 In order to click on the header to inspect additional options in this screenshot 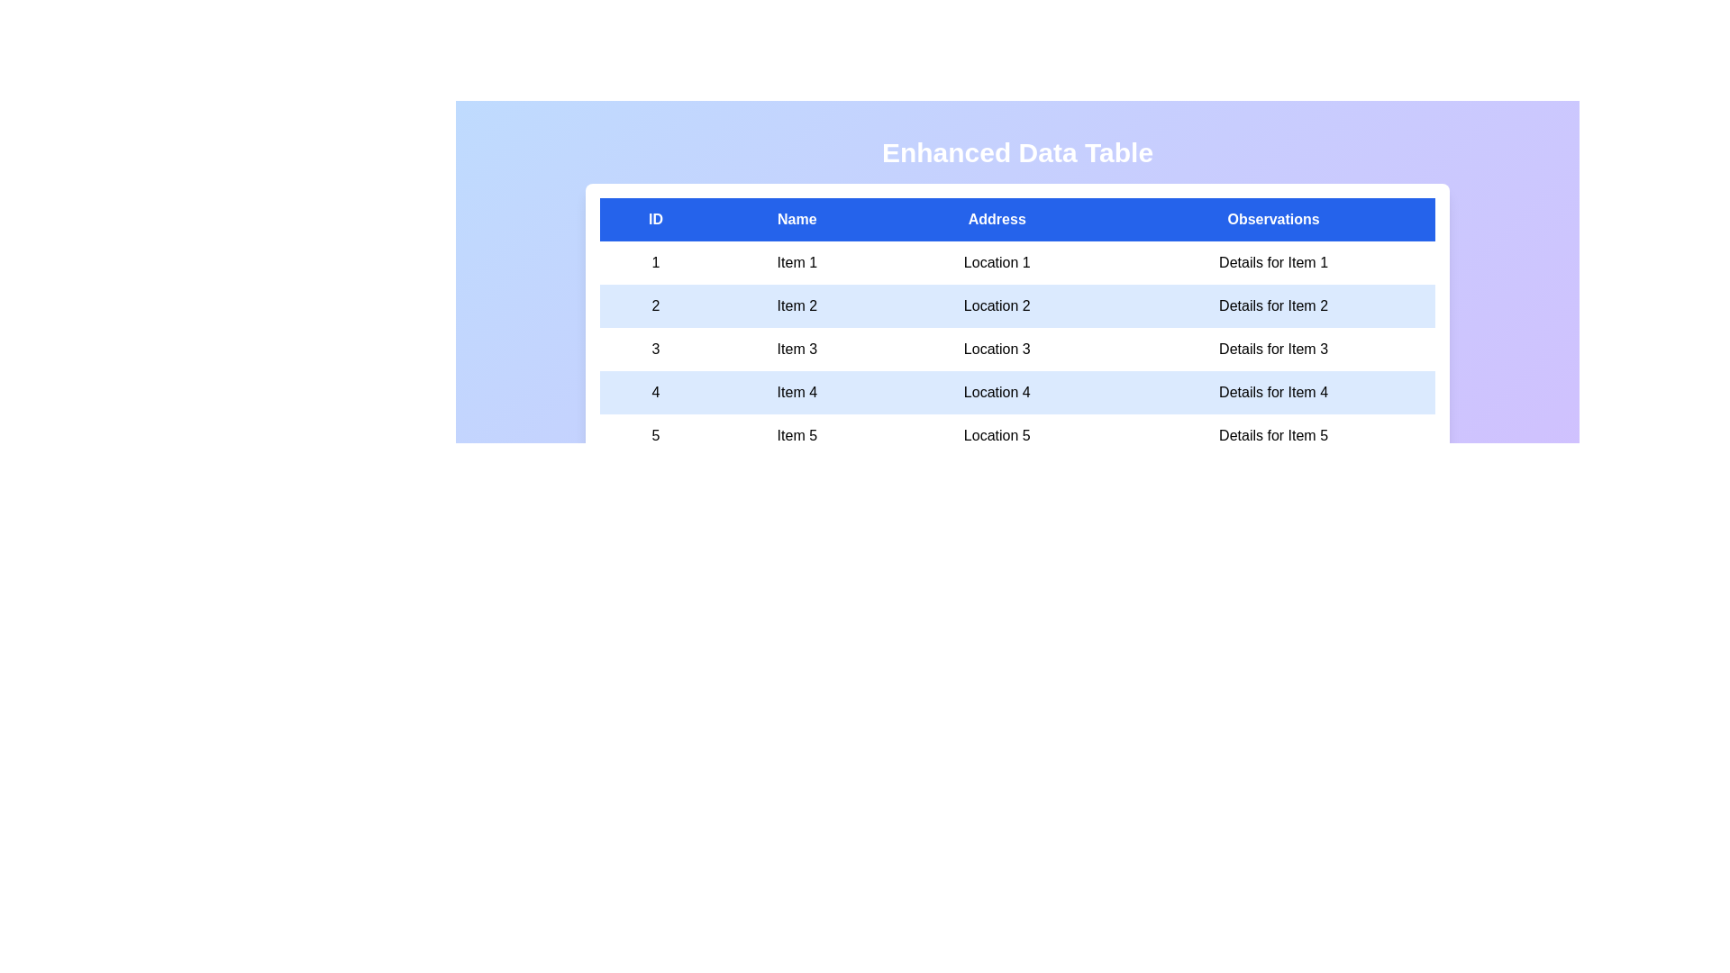, I will do `click(1017, 218)`.